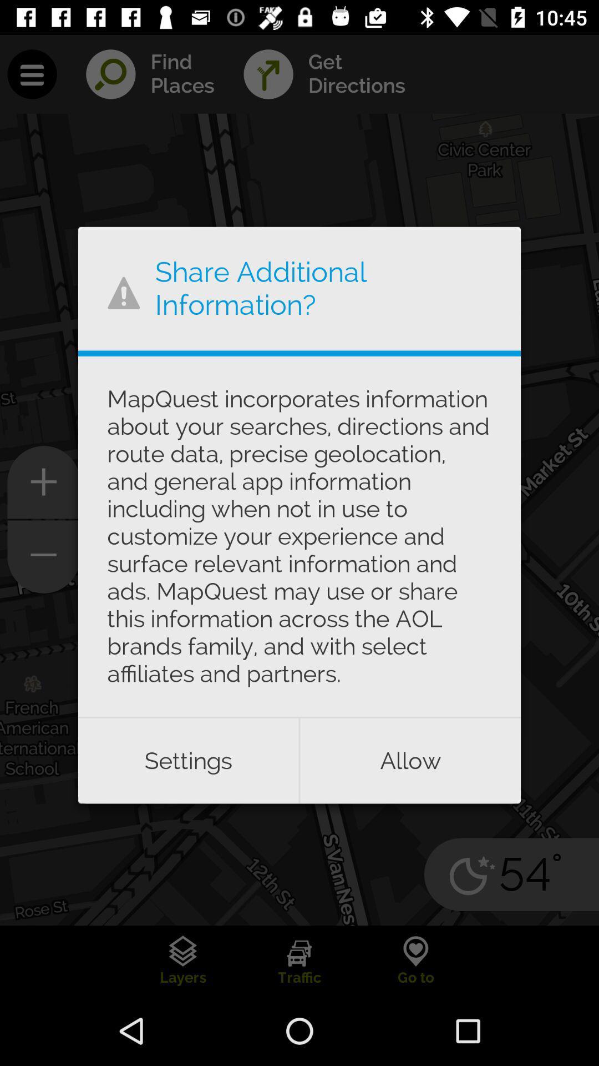  Describe the element at coordinates (410, 760) in the screenshot. I see `allow item` at that location.